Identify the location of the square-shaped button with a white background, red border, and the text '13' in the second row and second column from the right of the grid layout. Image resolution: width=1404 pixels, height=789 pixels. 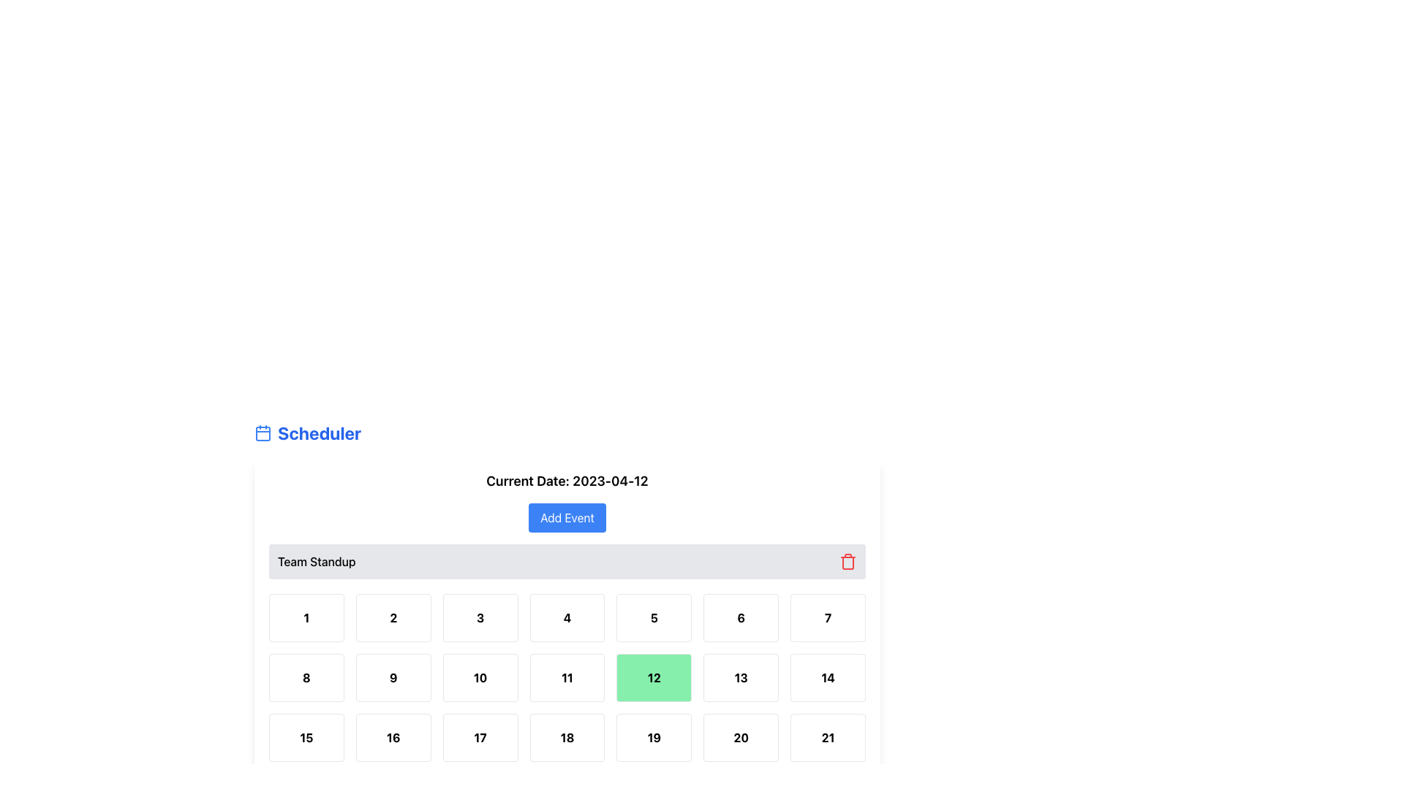
(741, 678).